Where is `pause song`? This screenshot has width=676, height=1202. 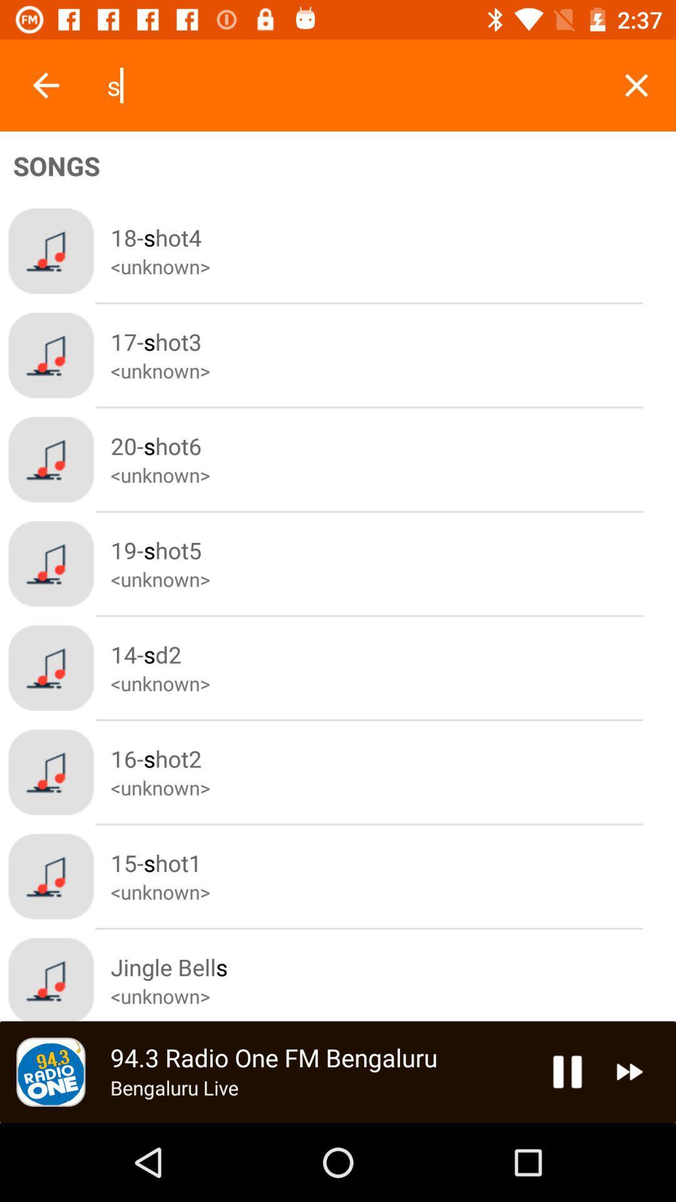
pause song is located at coordinates (567, 1071).